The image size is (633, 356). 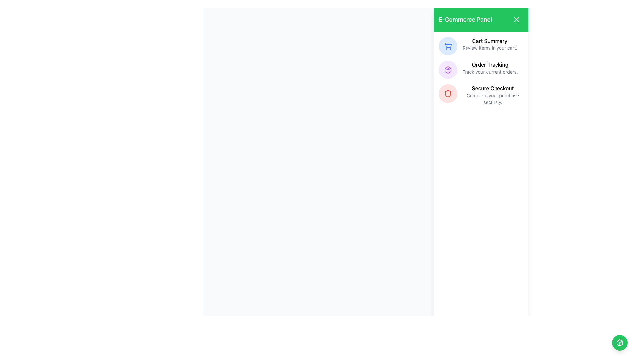 What do you see at coordinates (490, 68) in the screenshot?
I see `the 'Order Tracking' text label that displays in bold with the subtext 'Track your current orders', located in the right-hand navigation panel below 'Cart Summary' and above 'Secure Checkout'` at bounding box center [490, 68].